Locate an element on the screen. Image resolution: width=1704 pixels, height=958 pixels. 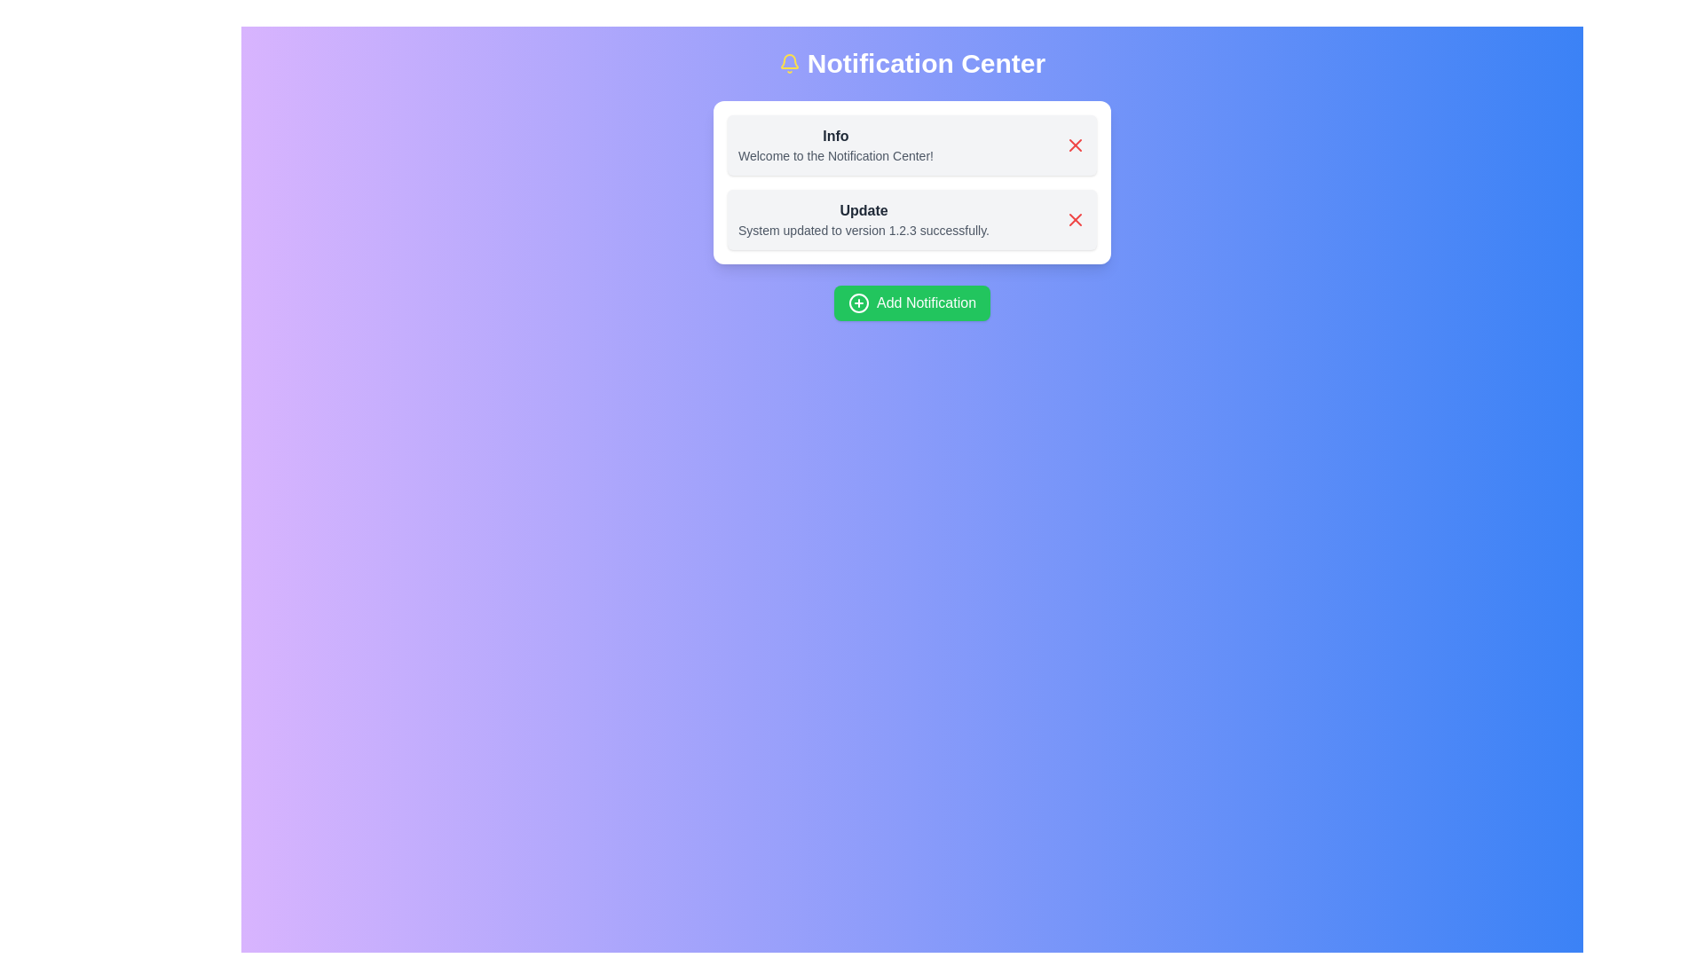
the 'Add Notification' button, which is a rectangular button with a green background and a white label, located below the 'Info' and 'Update' cards in the centered panel is located at coordinates (911, 302).